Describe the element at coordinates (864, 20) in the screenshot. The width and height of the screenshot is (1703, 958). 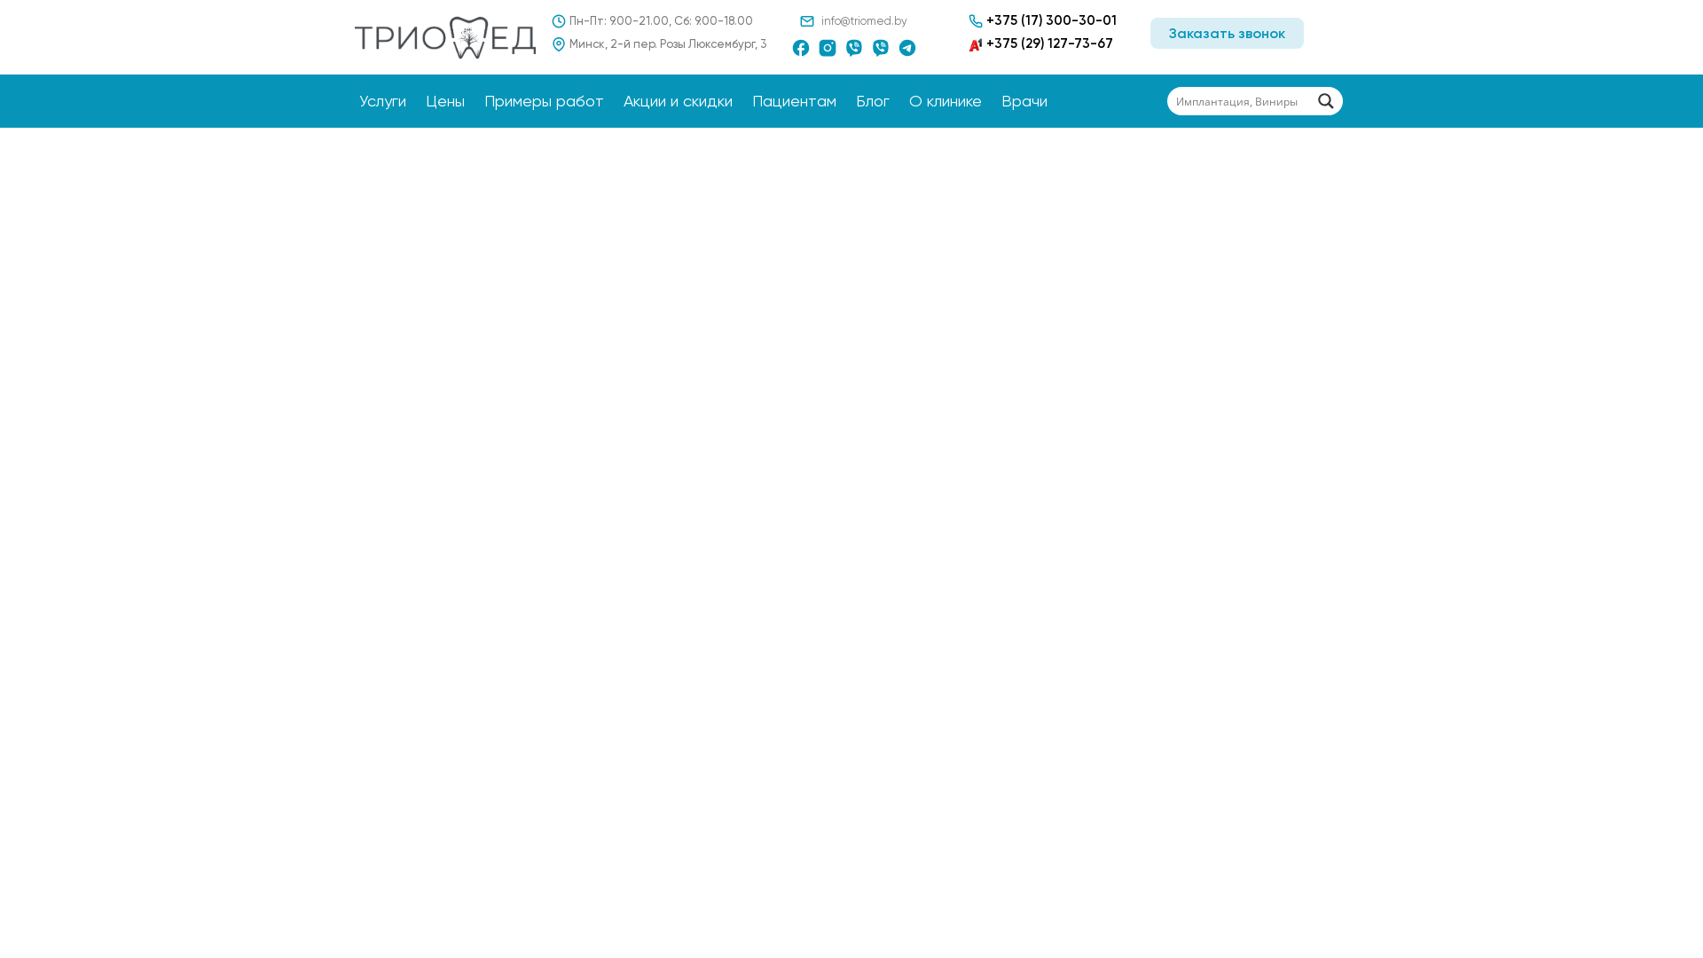
I see `'info@triomed.by'` at that location.